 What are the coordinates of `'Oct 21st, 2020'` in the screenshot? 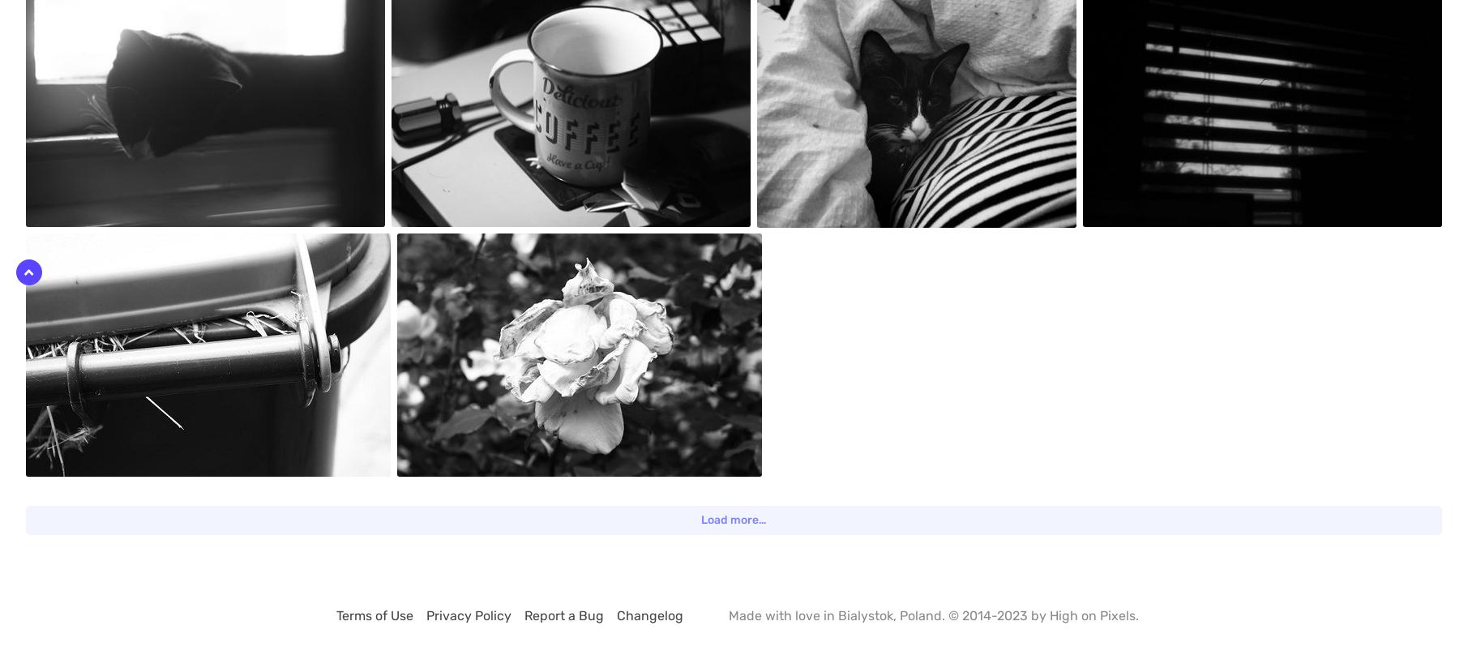 It's located at (436, 246).